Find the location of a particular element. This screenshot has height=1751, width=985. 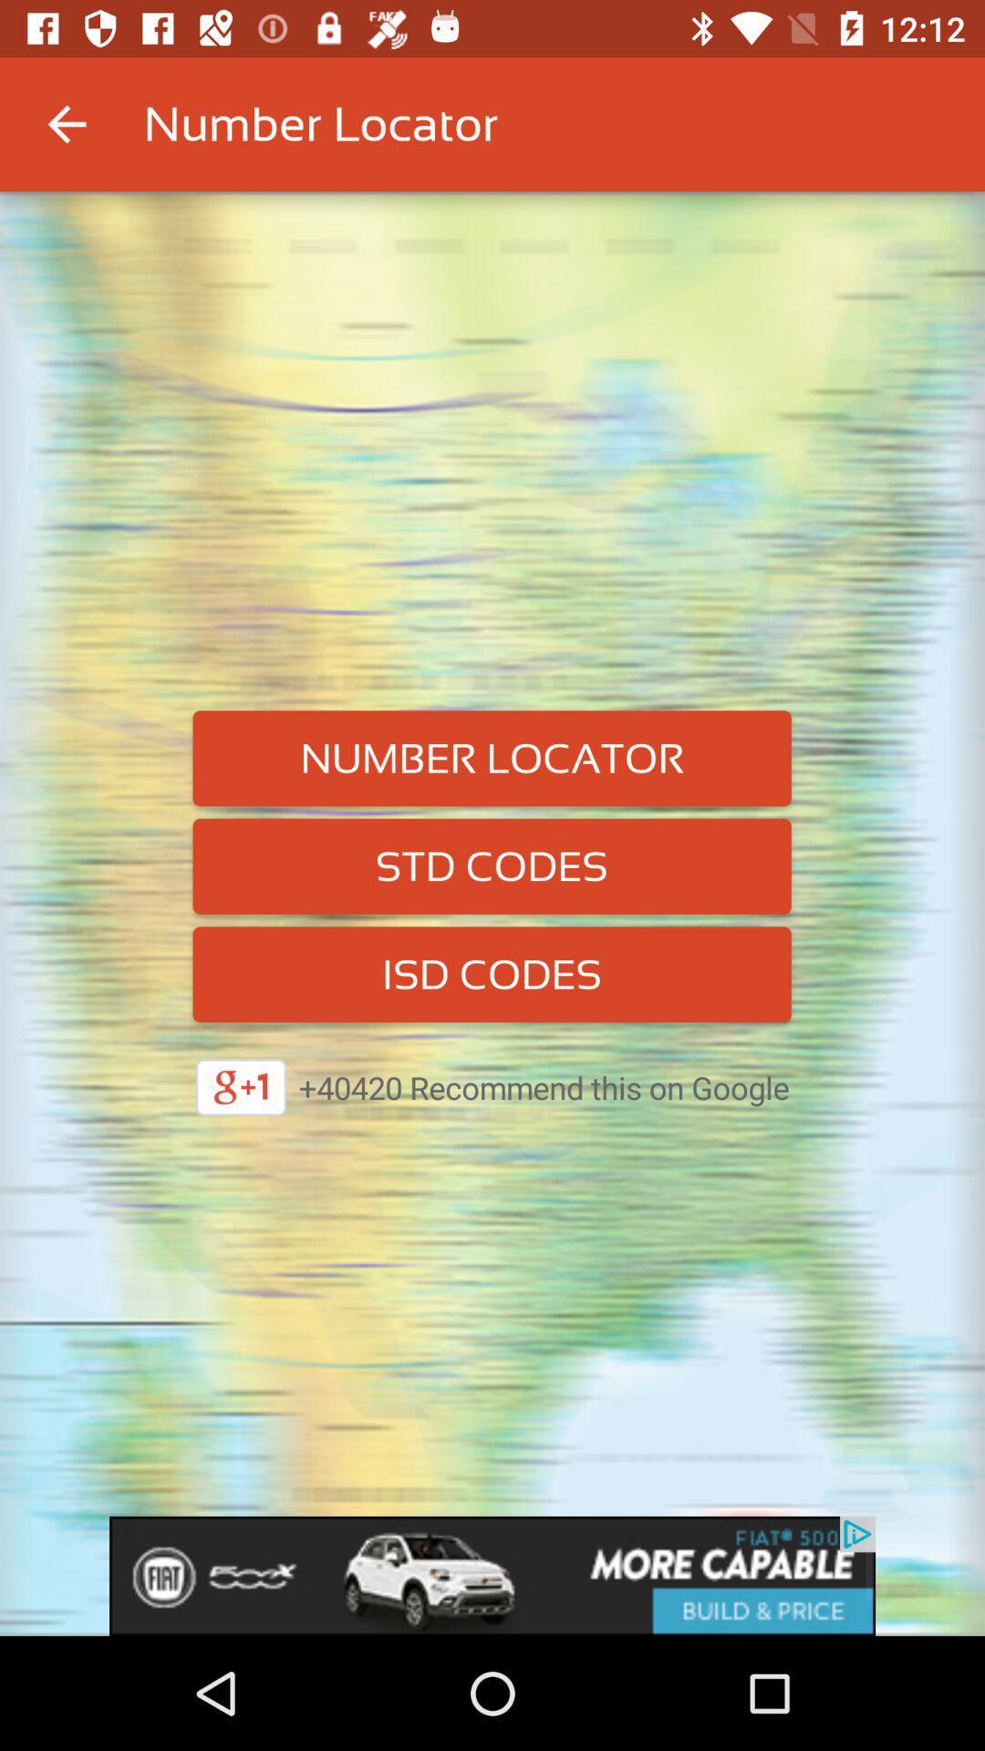

open car advertisement is located at coordinates (493, 1575).